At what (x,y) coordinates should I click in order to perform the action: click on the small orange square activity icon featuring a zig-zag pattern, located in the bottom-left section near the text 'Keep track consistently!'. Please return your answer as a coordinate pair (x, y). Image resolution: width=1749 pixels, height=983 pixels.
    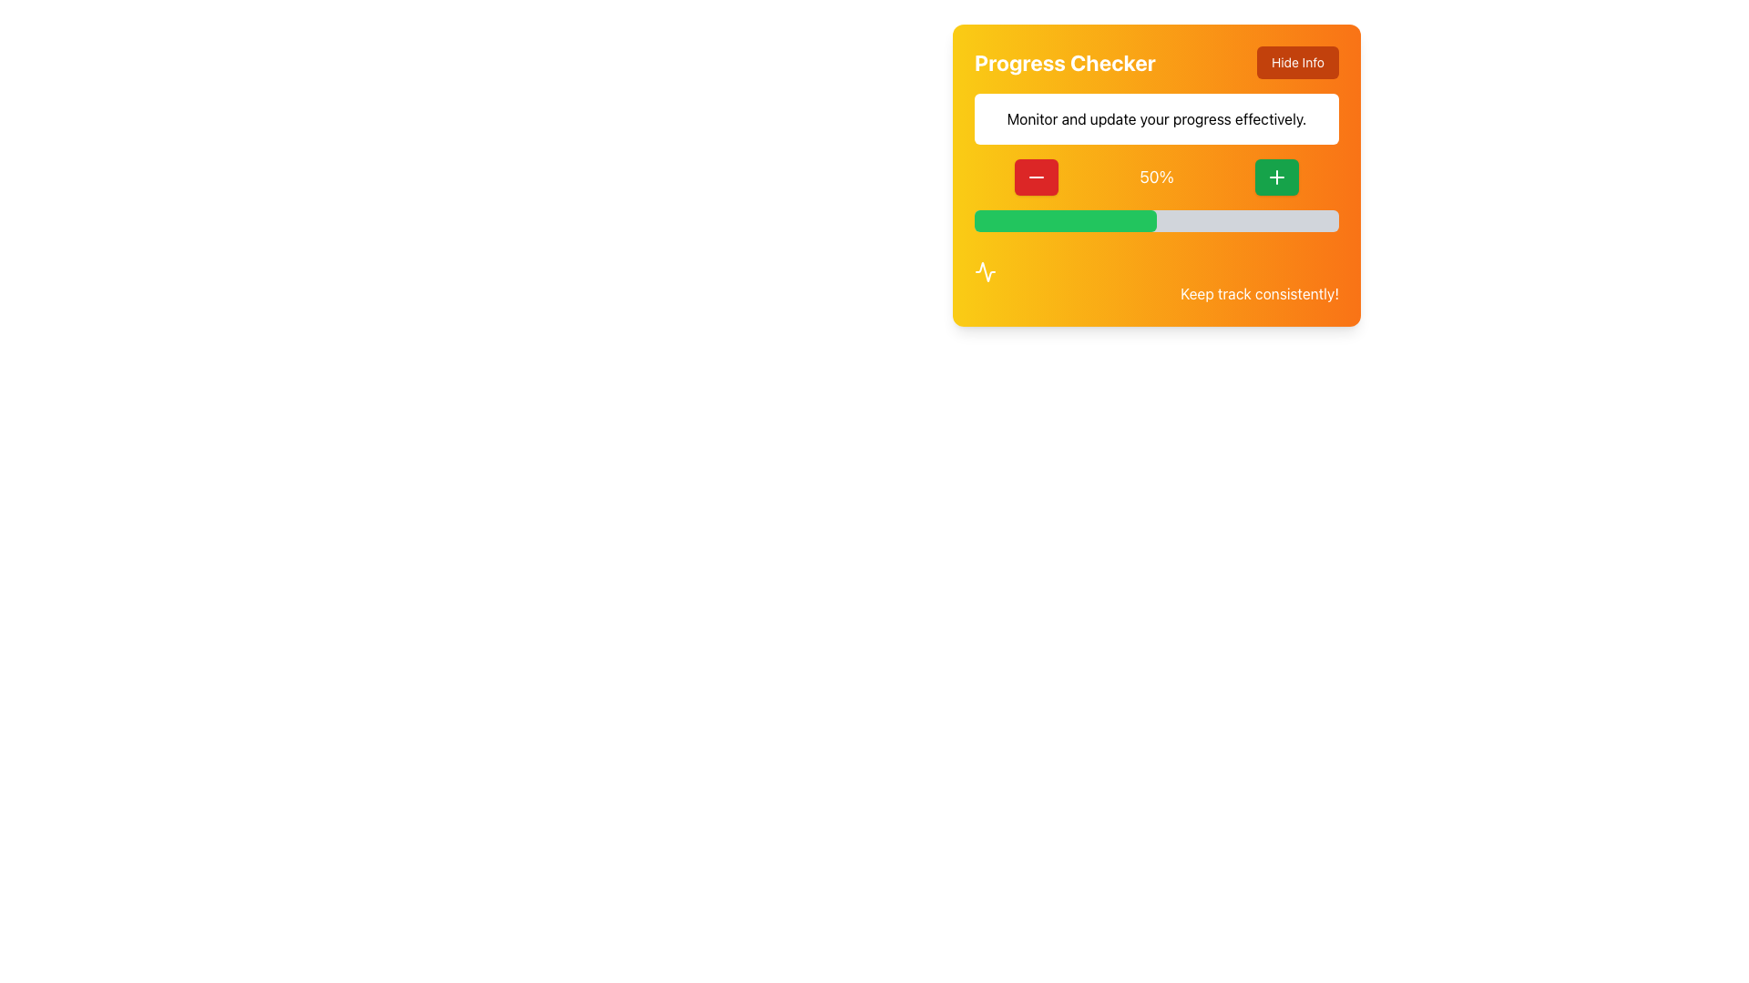
    Looking at the image, I should click on (984, 272).